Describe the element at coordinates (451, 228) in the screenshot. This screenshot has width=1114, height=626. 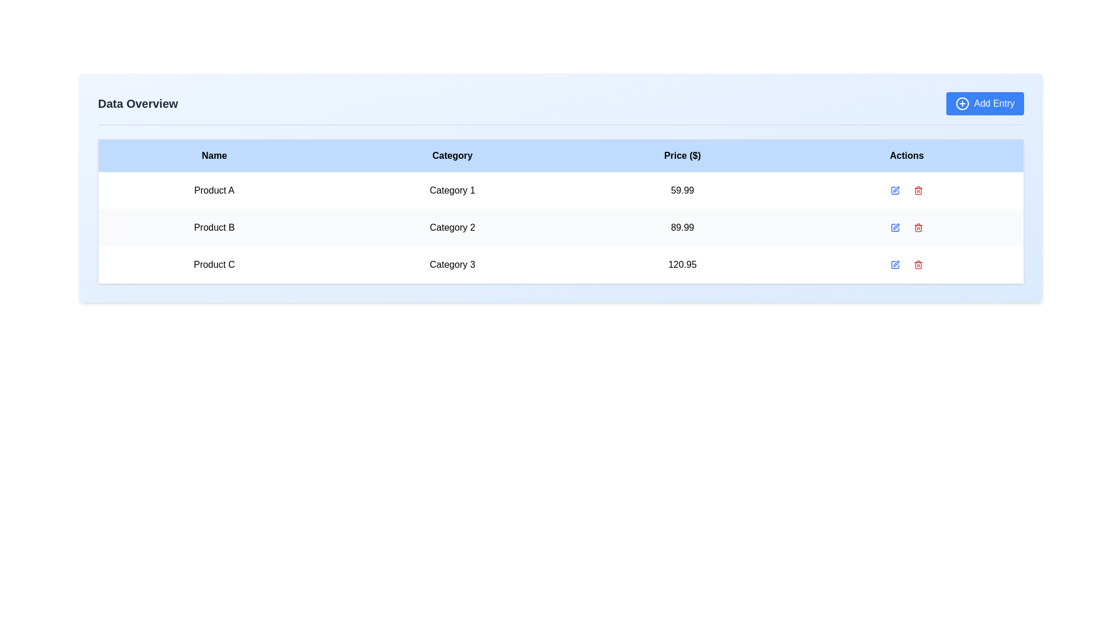
I see `the static text label displaying 'Category 2' located in the 'Category' column of the table corresponding to 'Product B'` at that location.